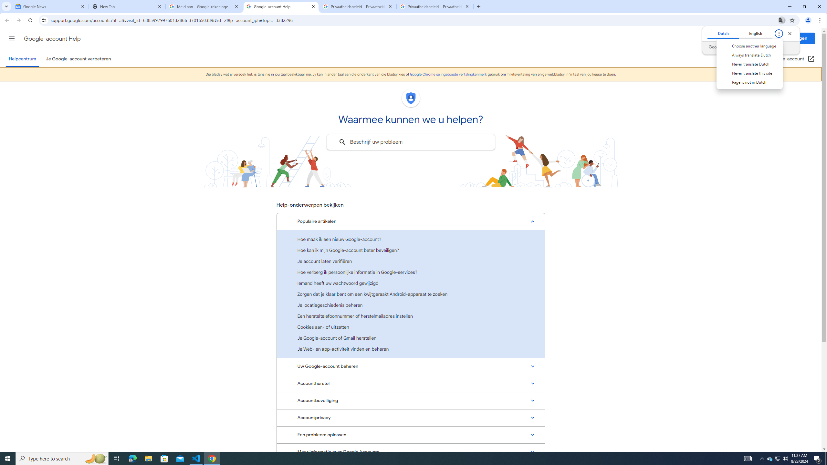 This screenshot has height=465, width=827. What do you see at coordinates (748, 458) in the screenshot?
I see `'AutomationID: 4105'` at bounding box center [748, 458].